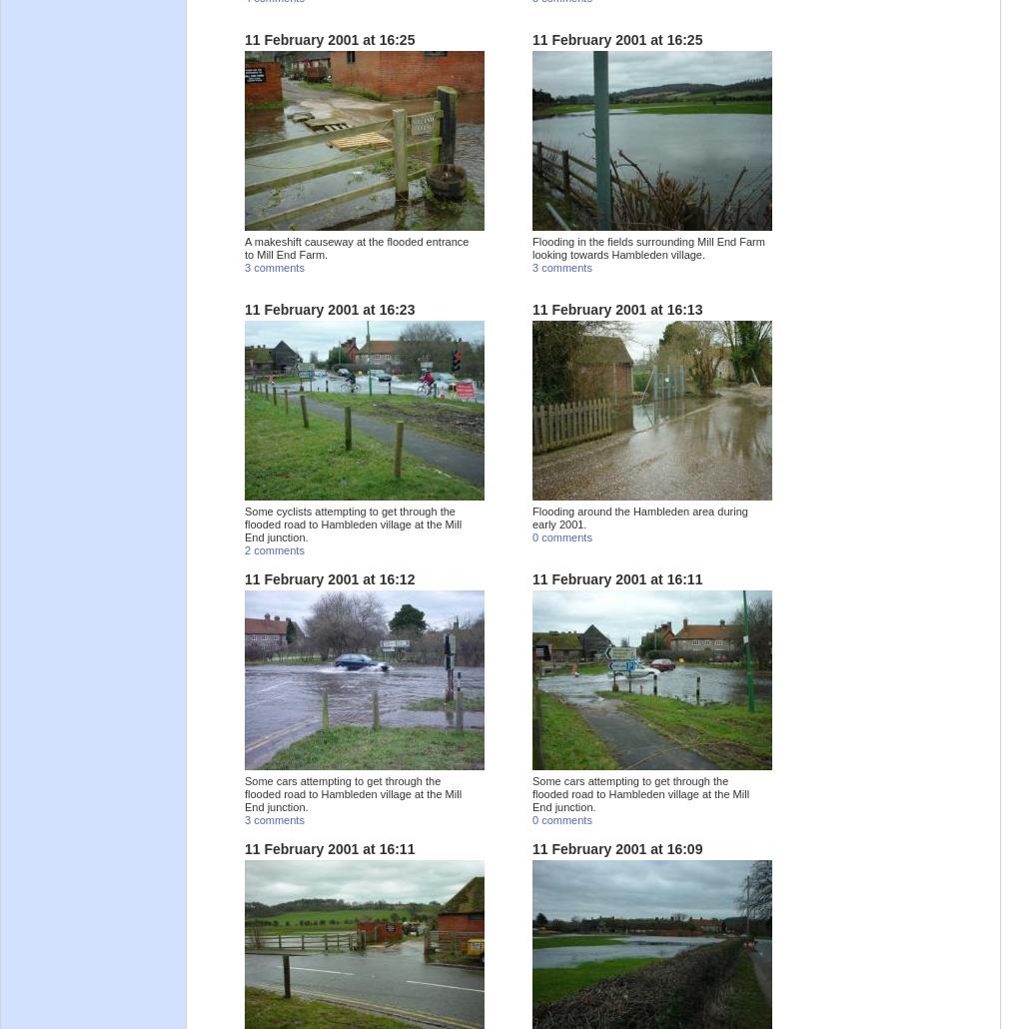 Image resolution: width=1014 pixels, height=1029 pixels. I want to click on '11 February 2001 at 16:13', so click(616, 309).